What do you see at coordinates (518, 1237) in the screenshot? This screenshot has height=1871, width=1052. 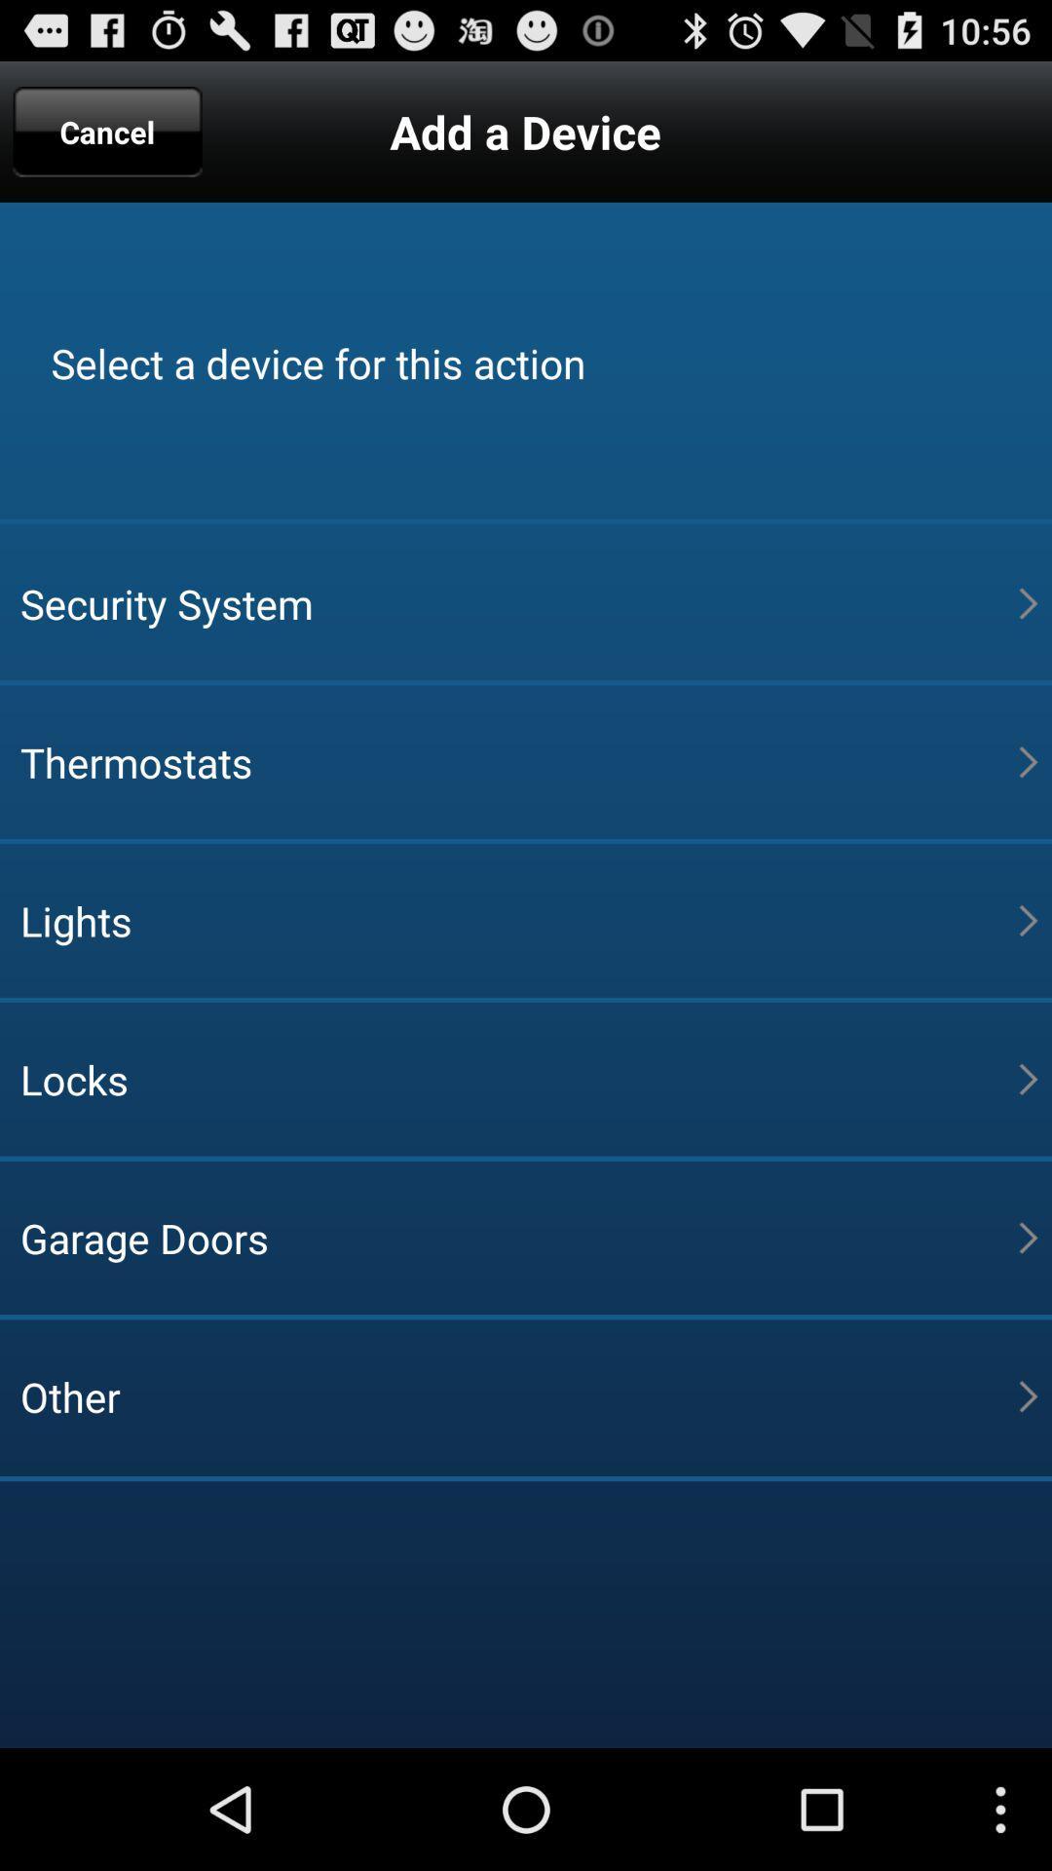 I see `the garage doors icon` at bounding box center [518, 1237].